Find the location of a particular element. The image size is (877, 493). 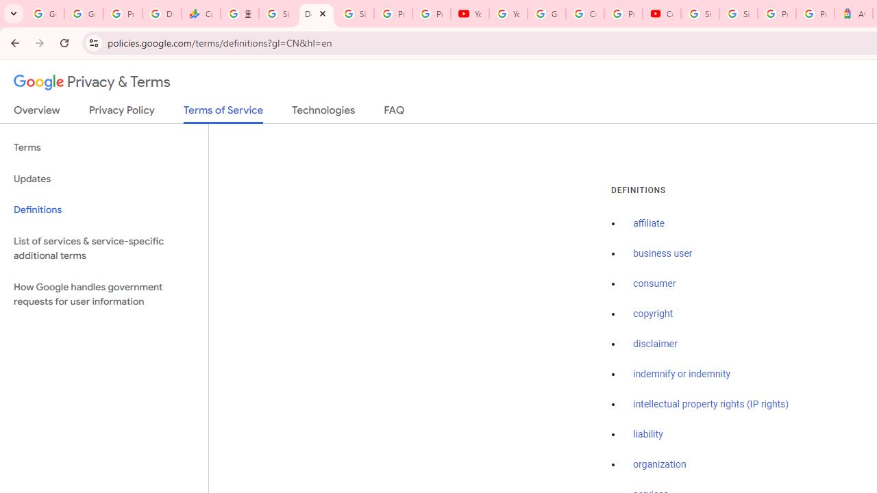

'How Google handles government requests for user information' is located at coordinates (103, 293).